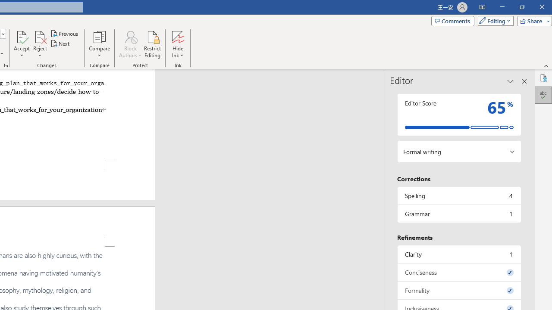  I want to click on 'Grammar, 1 issue. Press space or enter to review items.', so click(458, 213).